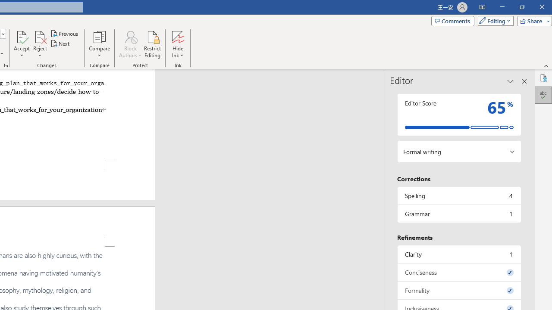  I want to click on 'Grammar, 1 issue. Press space or enter to review items.', so click(458, 213).